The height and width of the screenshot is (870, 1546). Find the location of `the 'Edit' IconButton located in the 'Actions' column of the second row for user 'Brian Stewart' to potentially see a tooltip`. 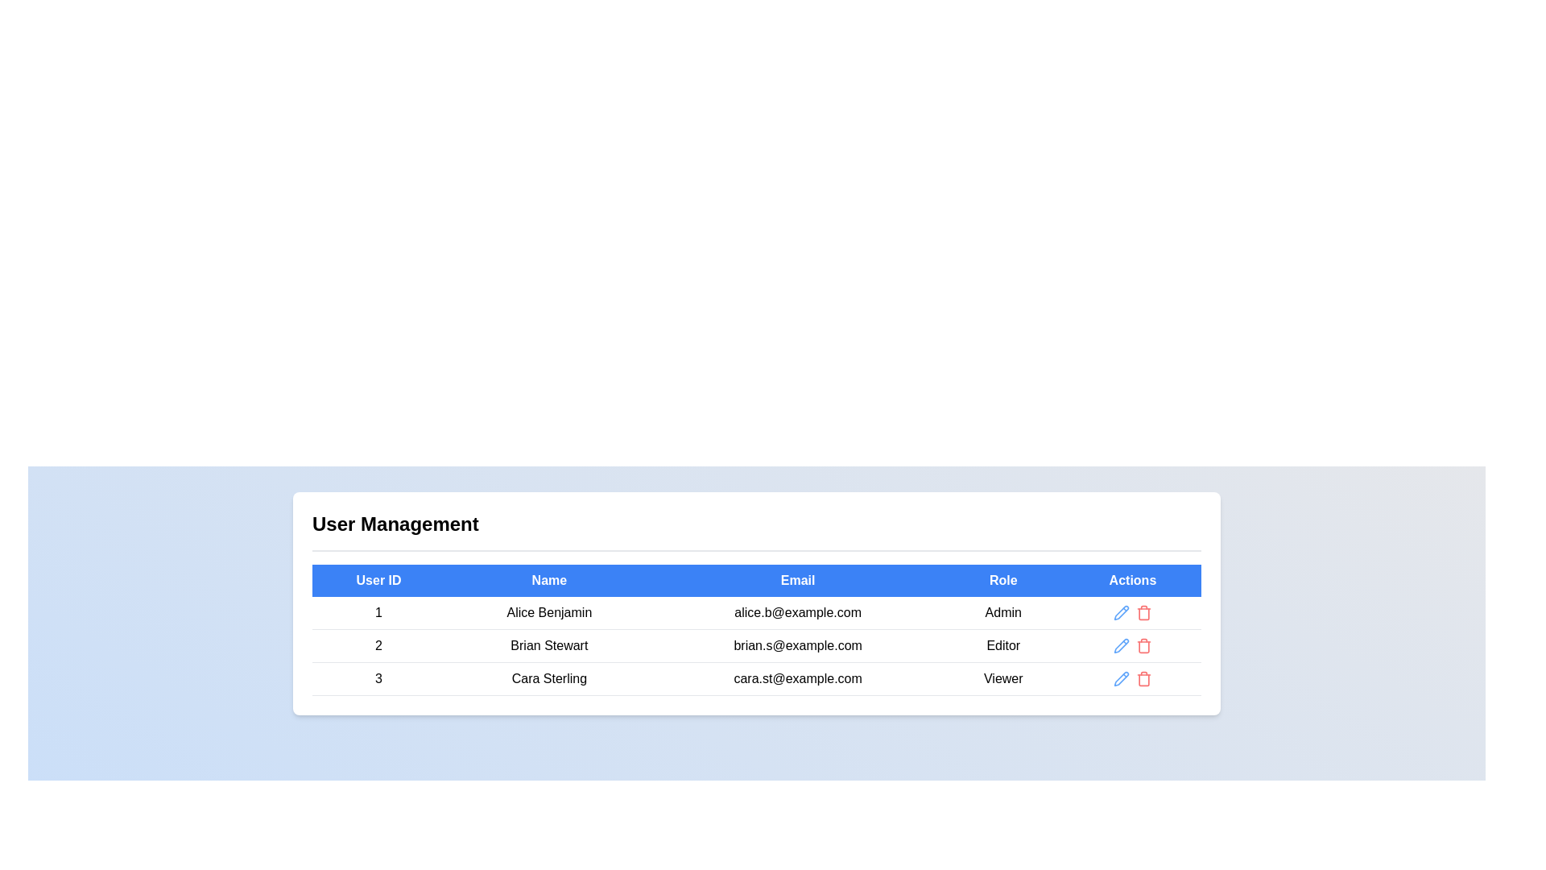

the 'Edit' IconButton located in the 'Actions' column of the second row for user 'Brian Stewart' to potentially see a tooltip is located at coordinates (1120, 645).